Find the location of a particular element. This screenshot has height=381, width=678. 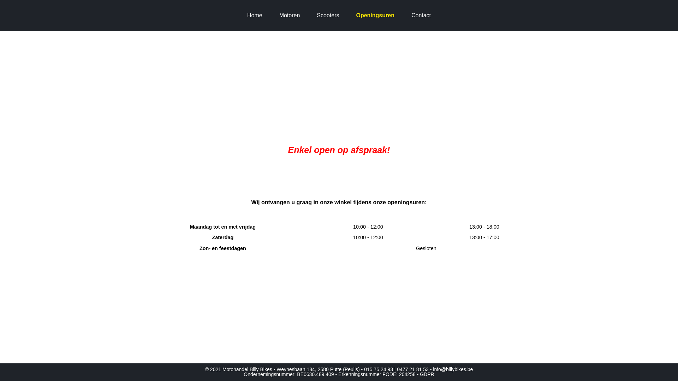

'GDPR' is located at coordinates (427, 374).